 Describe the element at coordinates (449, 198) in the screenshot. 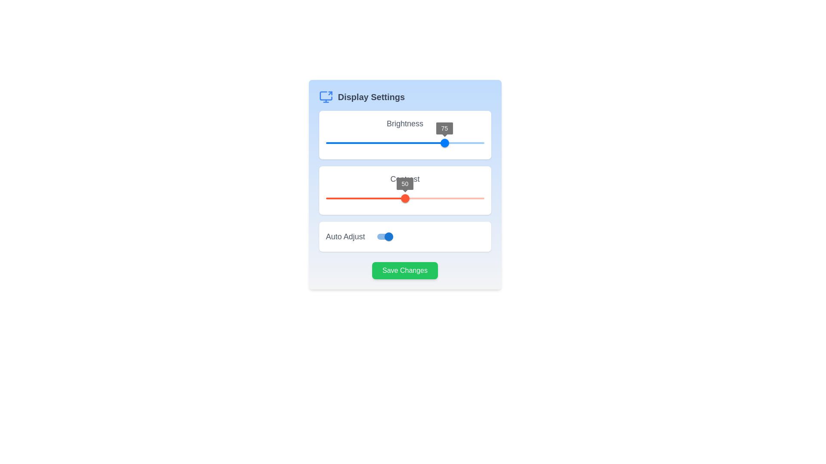

I see `contrast slider` at that location.